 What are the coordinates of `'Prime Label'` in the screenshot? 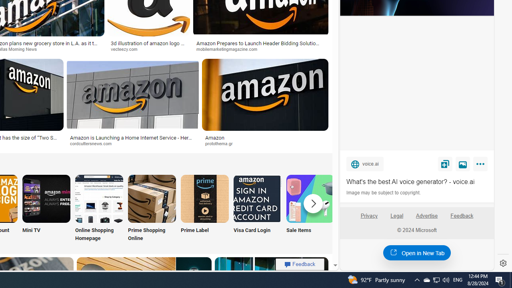 It's located at (205, 208).